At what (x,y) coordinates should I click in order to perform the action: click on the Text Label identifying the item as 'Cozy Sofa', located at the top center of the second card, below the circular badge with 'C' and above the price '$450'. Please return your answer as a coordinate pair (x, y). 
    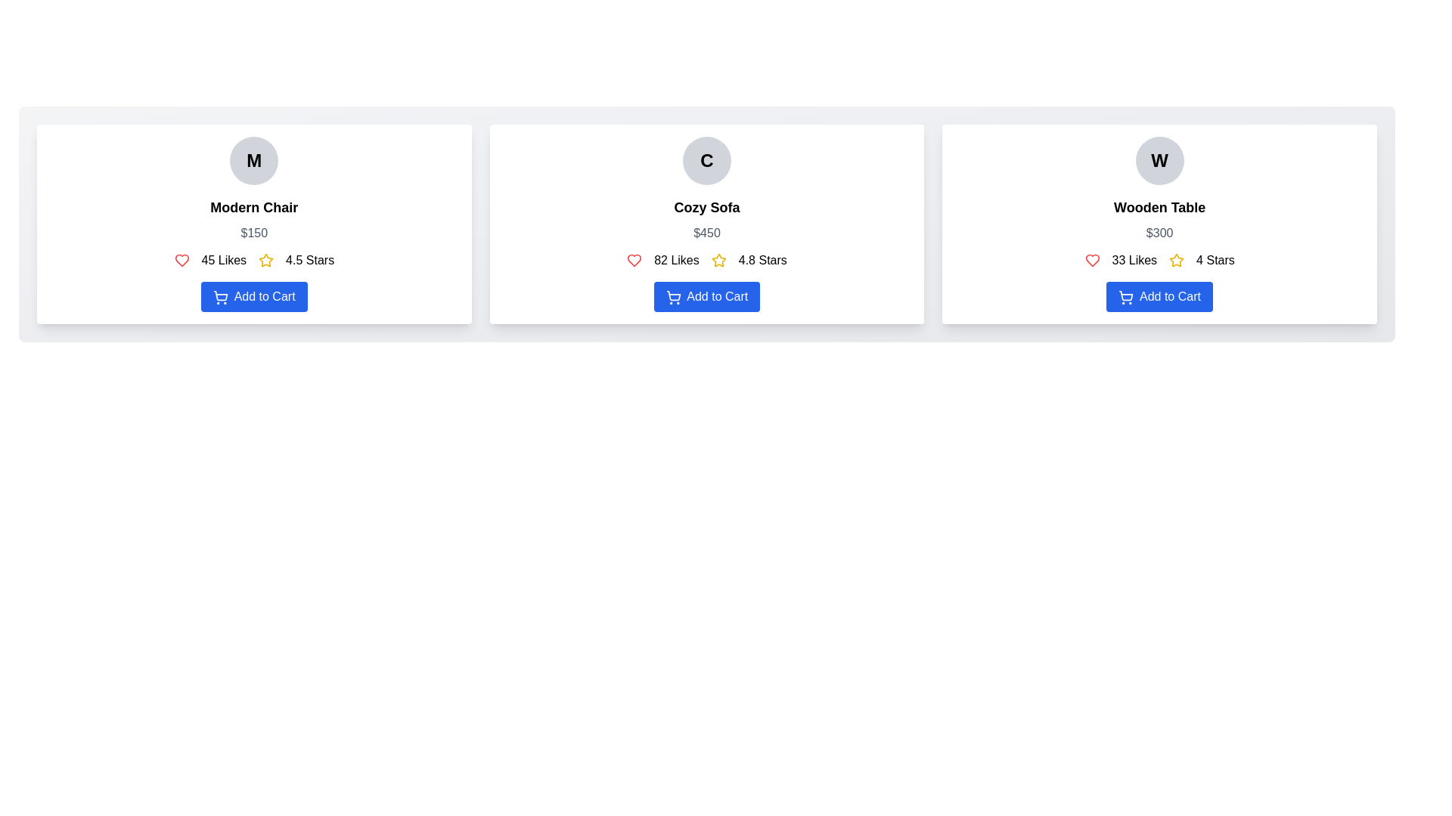
    Looking at the image, I should click on (706, 207).